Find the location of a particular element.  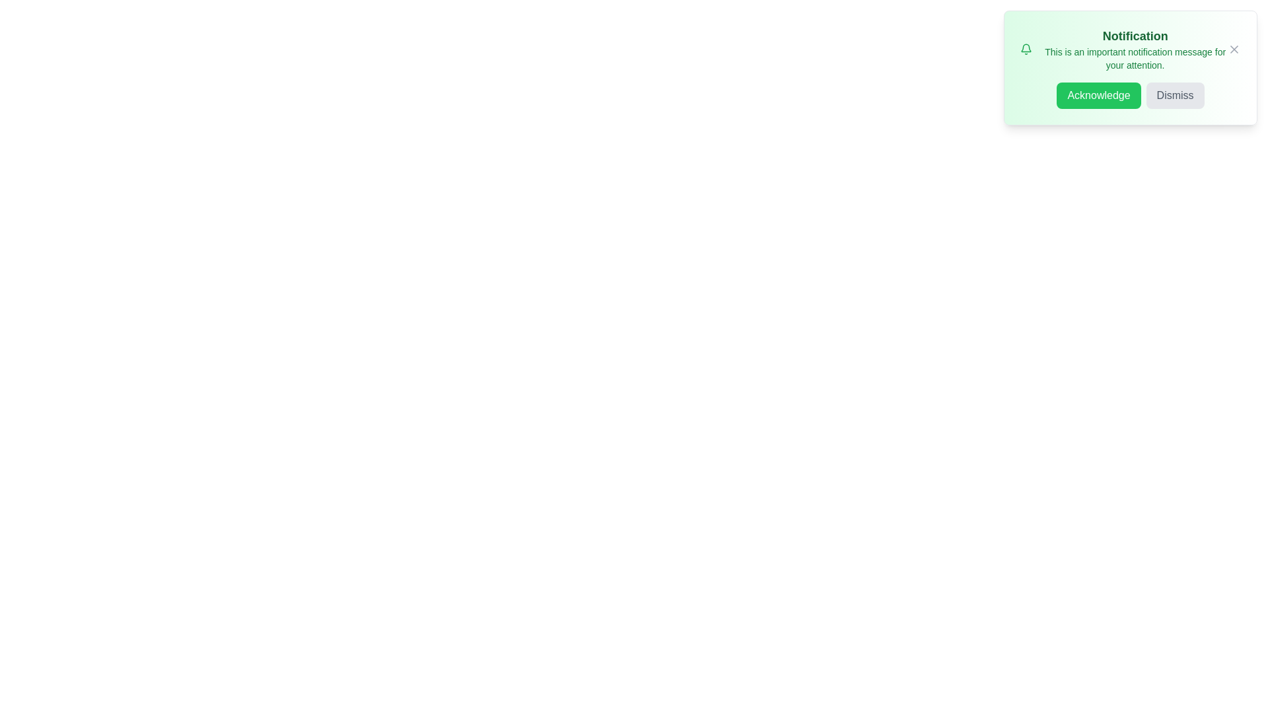

the notification icon represented by the bell is located at coordinates (1026, 48).